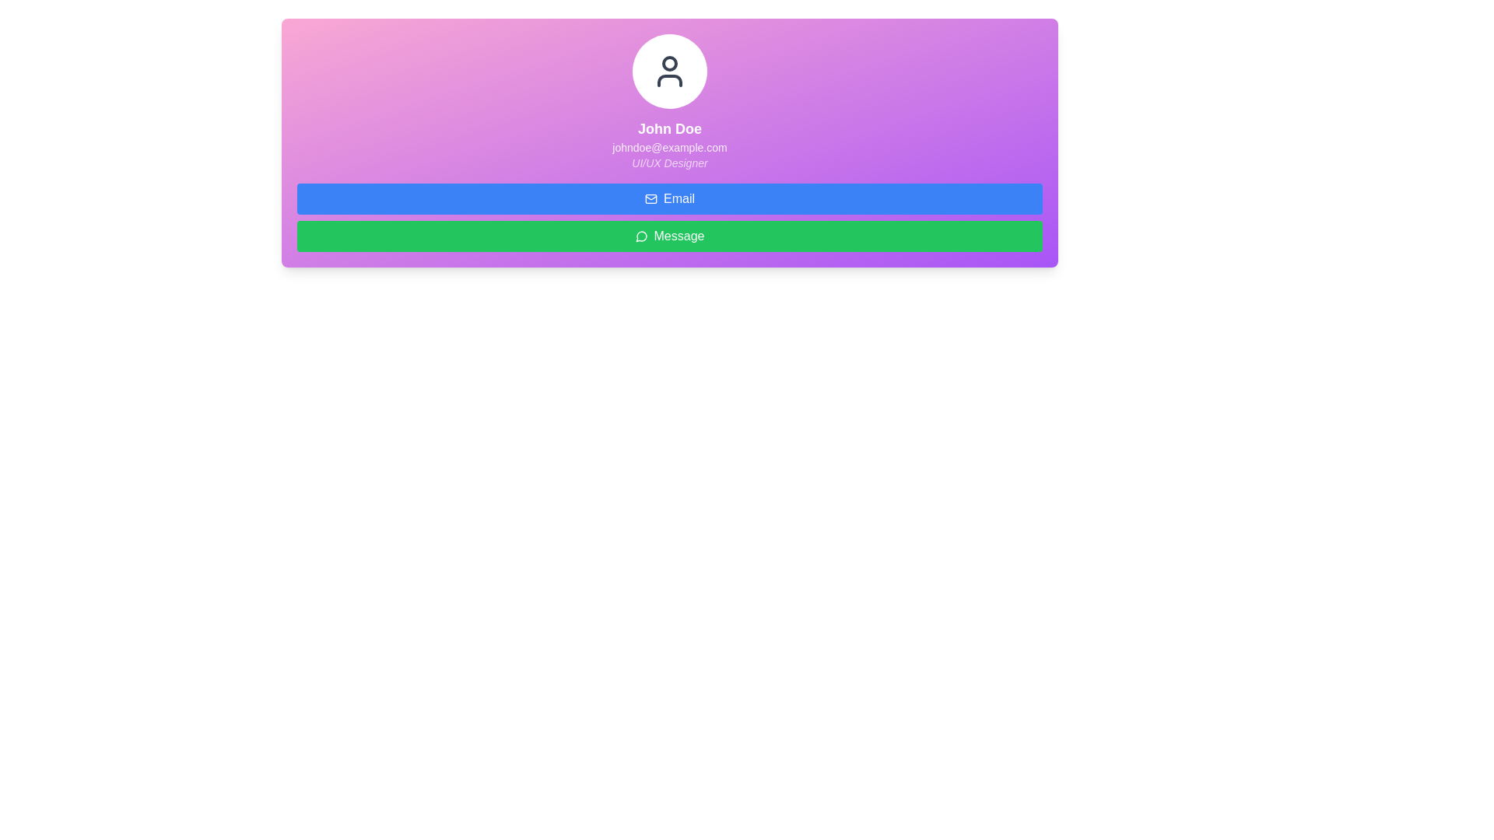 The width and height of the screenshot is (1494, 840). Describe the element at coordinates (651, 198) in the screenshot. I see `the details of the mail icon, which is a minimalist outline design of an envelope located within a blue rectangular button labeled 'Email'` at that location.